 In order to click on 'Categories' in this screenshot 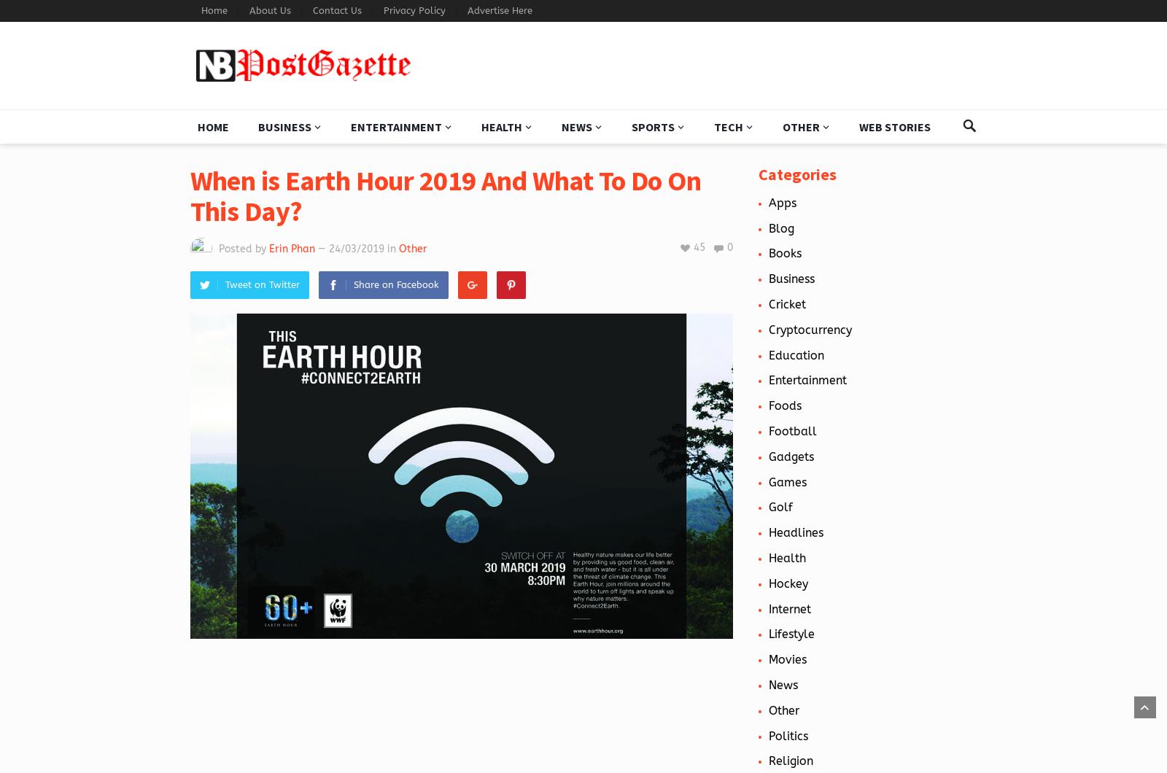, I will do `click(796, 174)`.